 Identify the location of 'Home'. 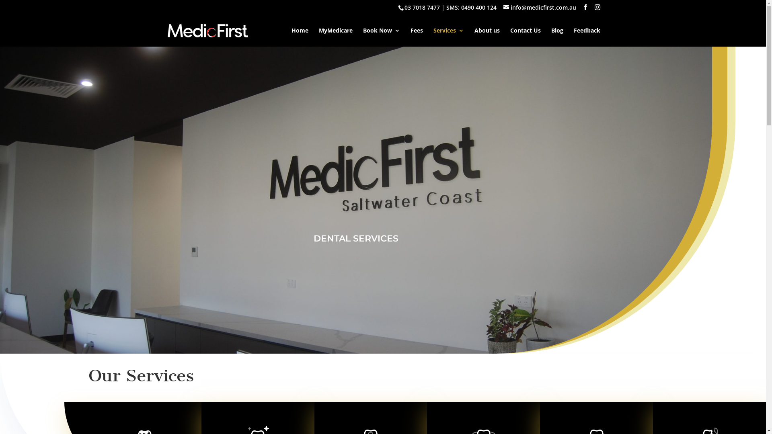
(299, 37).